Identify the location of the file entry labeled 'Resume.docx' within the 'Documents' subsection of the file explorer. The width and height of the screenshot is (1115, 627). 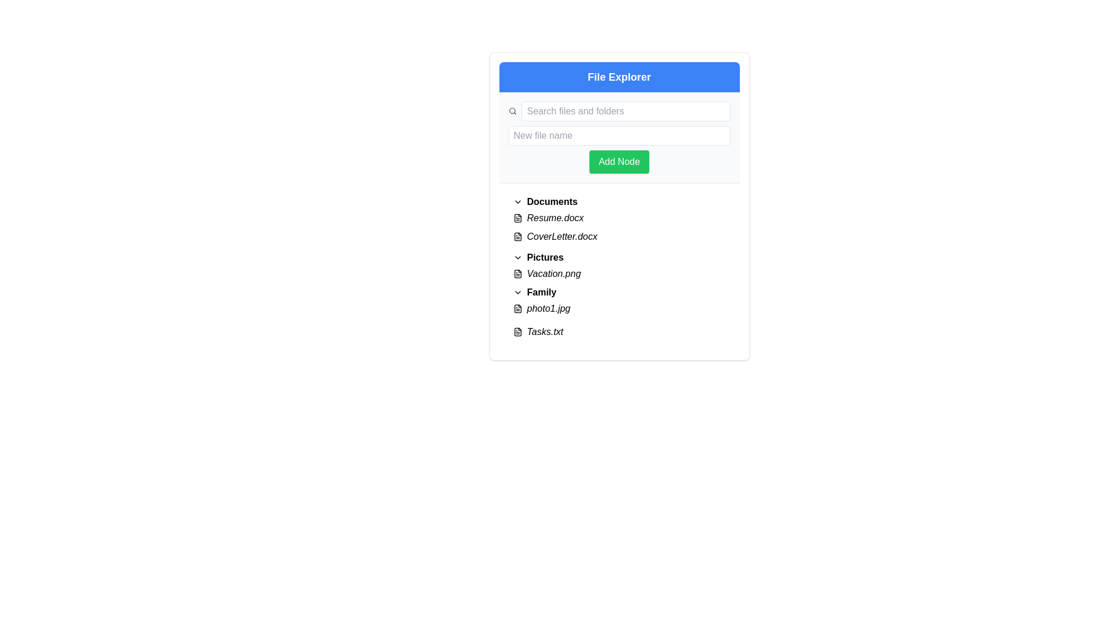
(618, 218).